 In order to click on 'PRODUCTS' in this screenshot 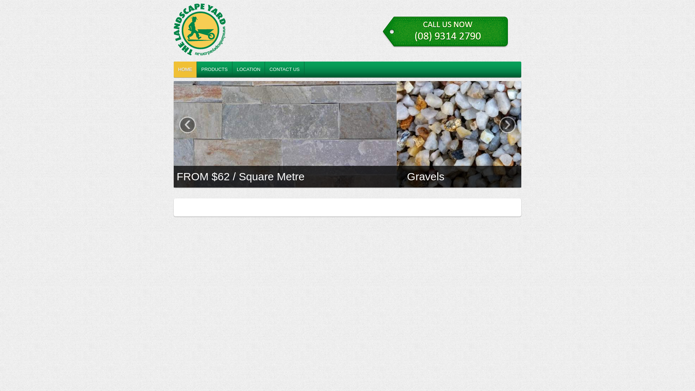, I will do `click(214, 70)`.